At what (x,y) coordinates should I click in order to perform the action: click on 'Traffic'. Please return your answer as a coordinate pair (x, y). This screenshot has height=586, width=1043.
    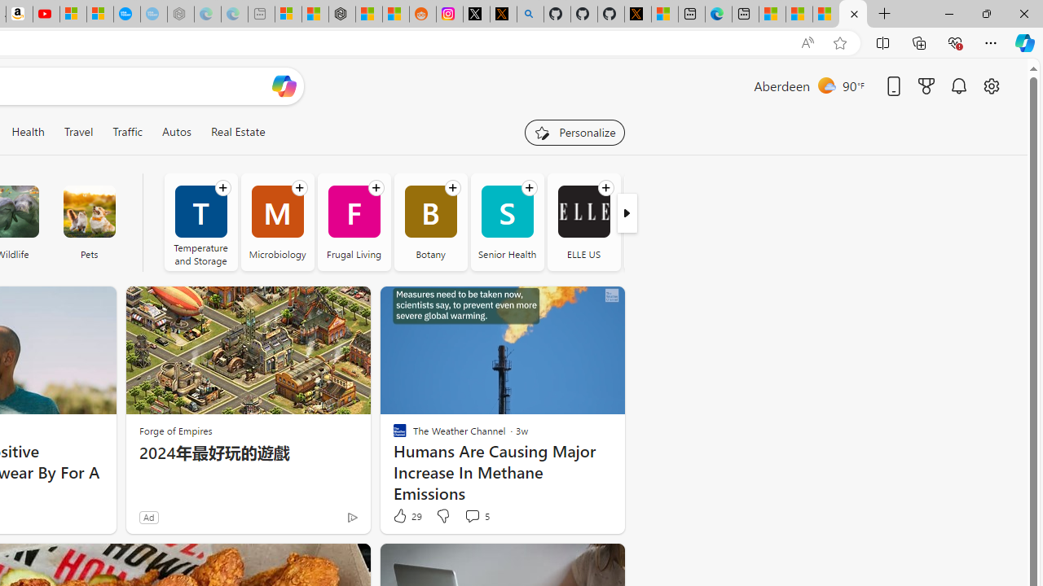
    Looking at the image, I should click on (126, 131).